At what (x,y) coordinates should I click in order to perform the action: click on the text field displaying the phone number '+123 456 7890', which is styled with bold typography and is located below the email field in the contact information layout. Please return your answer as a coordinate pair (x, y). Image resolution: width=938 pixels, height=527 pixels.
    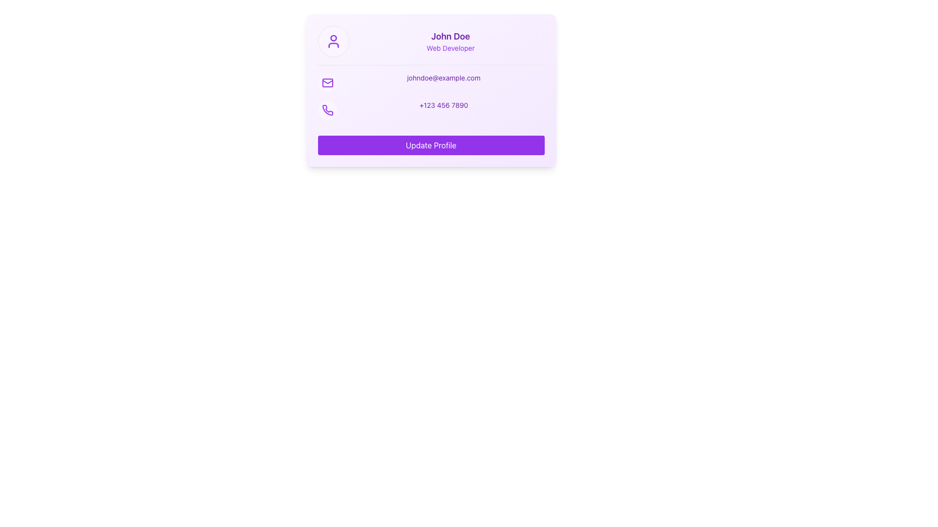
    Looking at the image, I should click on (430, 110).